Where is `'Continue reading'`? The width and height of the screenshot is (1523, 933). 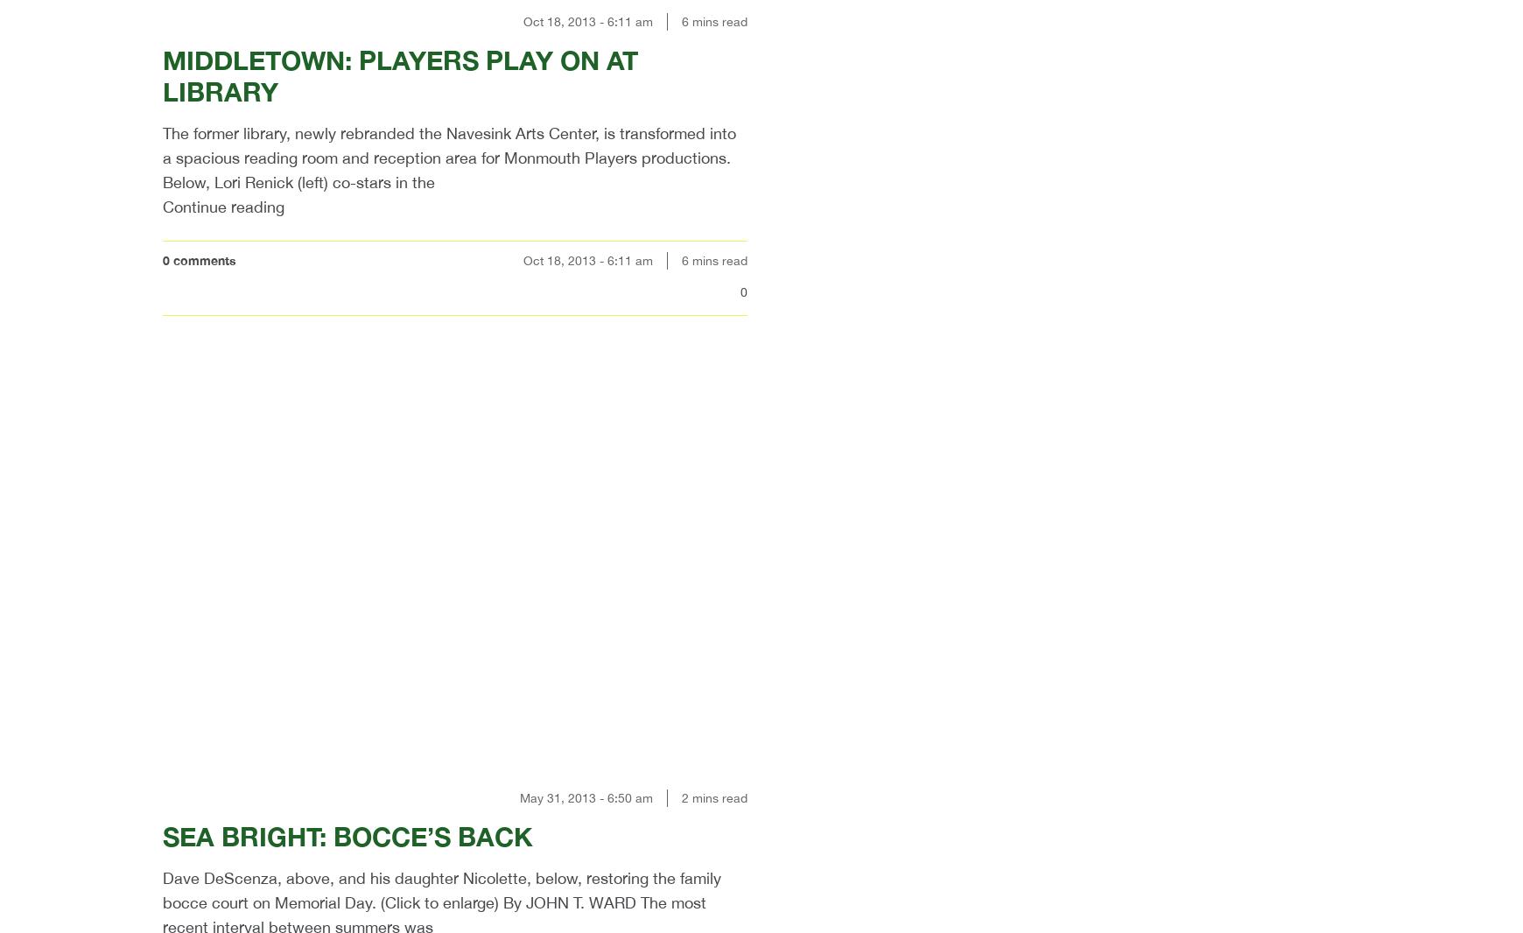
'Continue reading' is located at coordinates (223, 205).